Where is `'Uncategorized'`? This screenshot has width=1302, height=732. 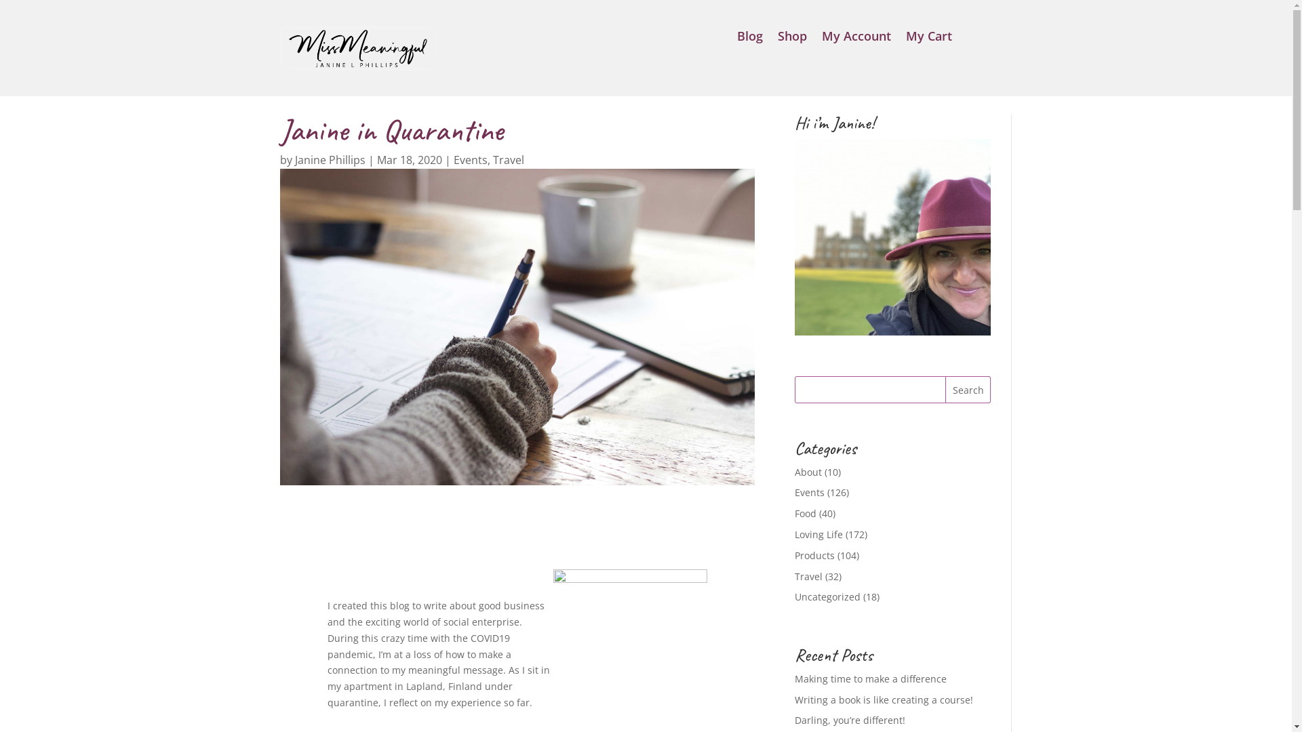
'Uncategorized' is located at coordinates (827, 596).